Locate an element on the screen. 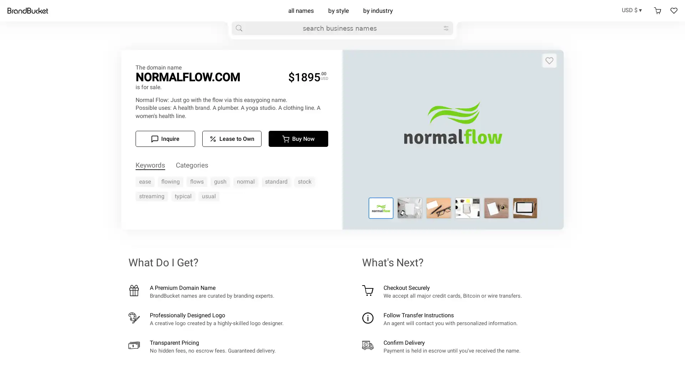  Logo for normalflow.com is located at coordinates (496, 208).